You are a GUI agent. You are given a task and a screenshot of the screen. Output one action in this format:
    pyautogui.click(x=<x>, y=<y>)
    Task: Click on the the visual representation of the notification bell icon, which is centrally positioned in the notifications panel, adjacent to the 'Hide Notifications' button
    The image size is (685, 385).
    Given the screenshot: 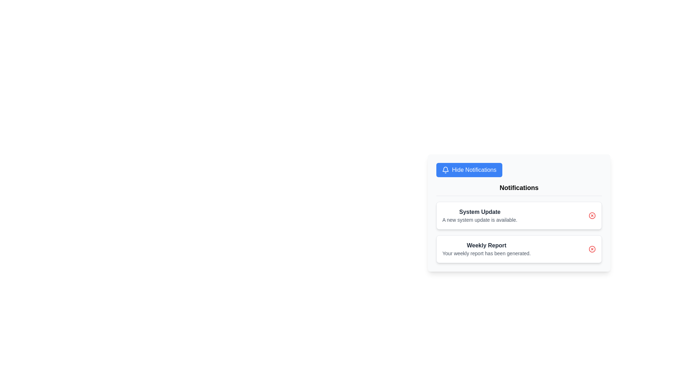 What is the action you would take?
    pyautogui.click(x=445, y=169)
    